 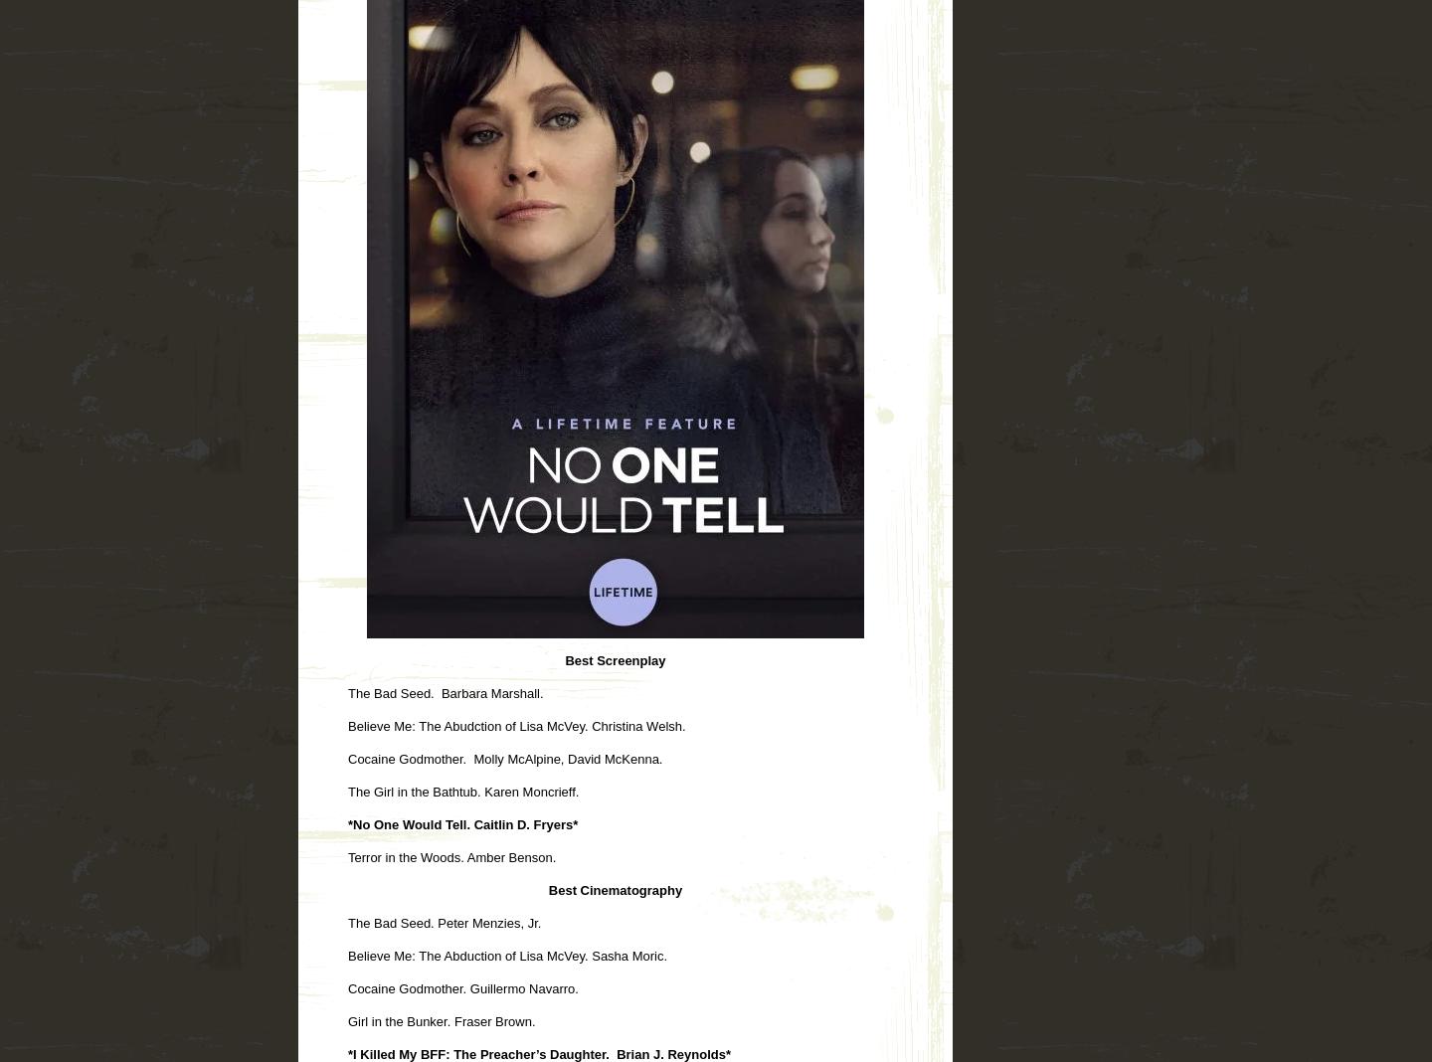 I want to click on 'Believe Me: The Abudction of Lisa McVey. Christina Welsh.', so click(x=348, y=725).